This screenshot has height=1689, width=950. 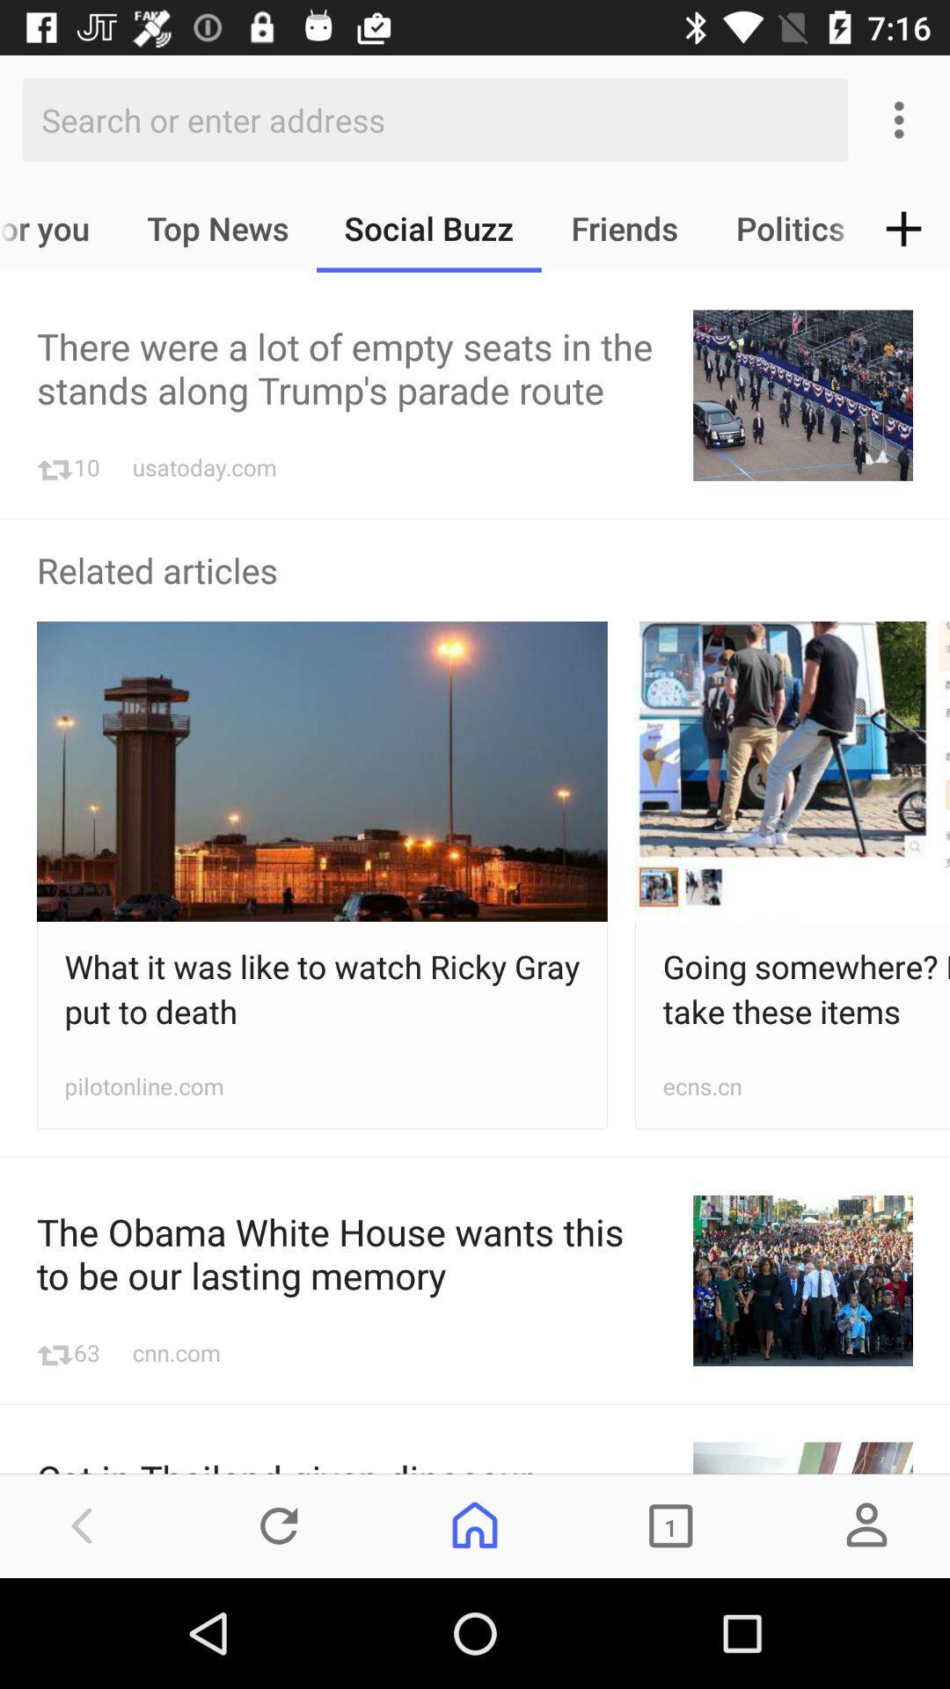 I want to click on the arrow_backward icon, so click(x=83, y=1524).